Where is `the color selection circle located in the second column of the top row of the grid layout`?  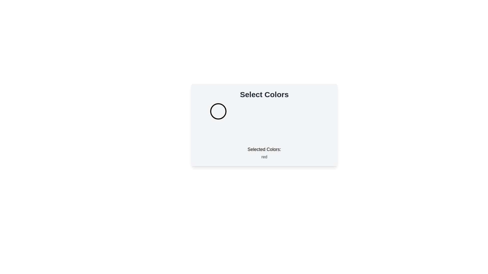
the color selection circle located in the second column of the top row of the grid layout is located at coordinates (264, 111).